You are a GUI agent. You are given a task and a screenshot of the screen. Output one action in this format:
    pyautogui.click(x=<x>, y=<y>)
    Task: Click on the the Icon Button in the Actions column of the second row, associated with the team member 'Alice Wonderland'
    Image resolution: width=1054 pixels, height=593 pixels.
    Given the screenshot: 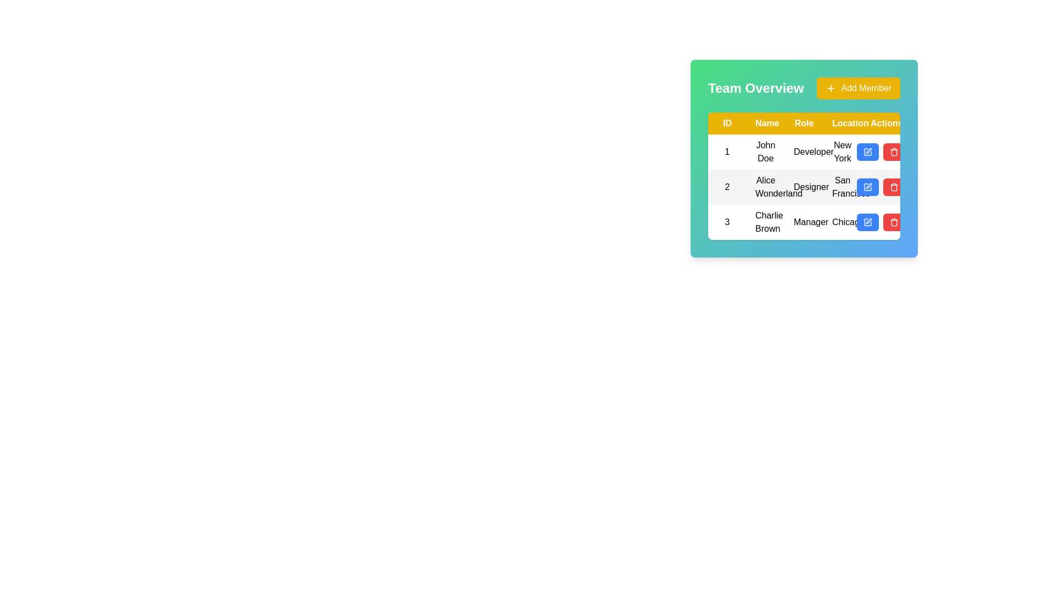 What is the action you would take?
    pyautogui.click(x=868, y=150)
    